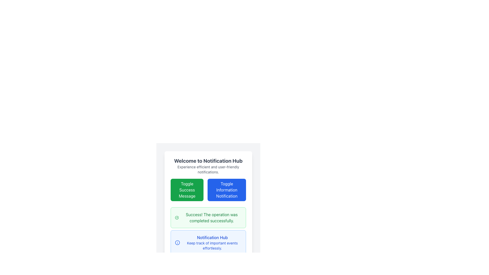  I want to click on the text label displaying 'Keep track of important events effortlessly.' located beneath the 'Notification Hub' heading, so click(212, 245).